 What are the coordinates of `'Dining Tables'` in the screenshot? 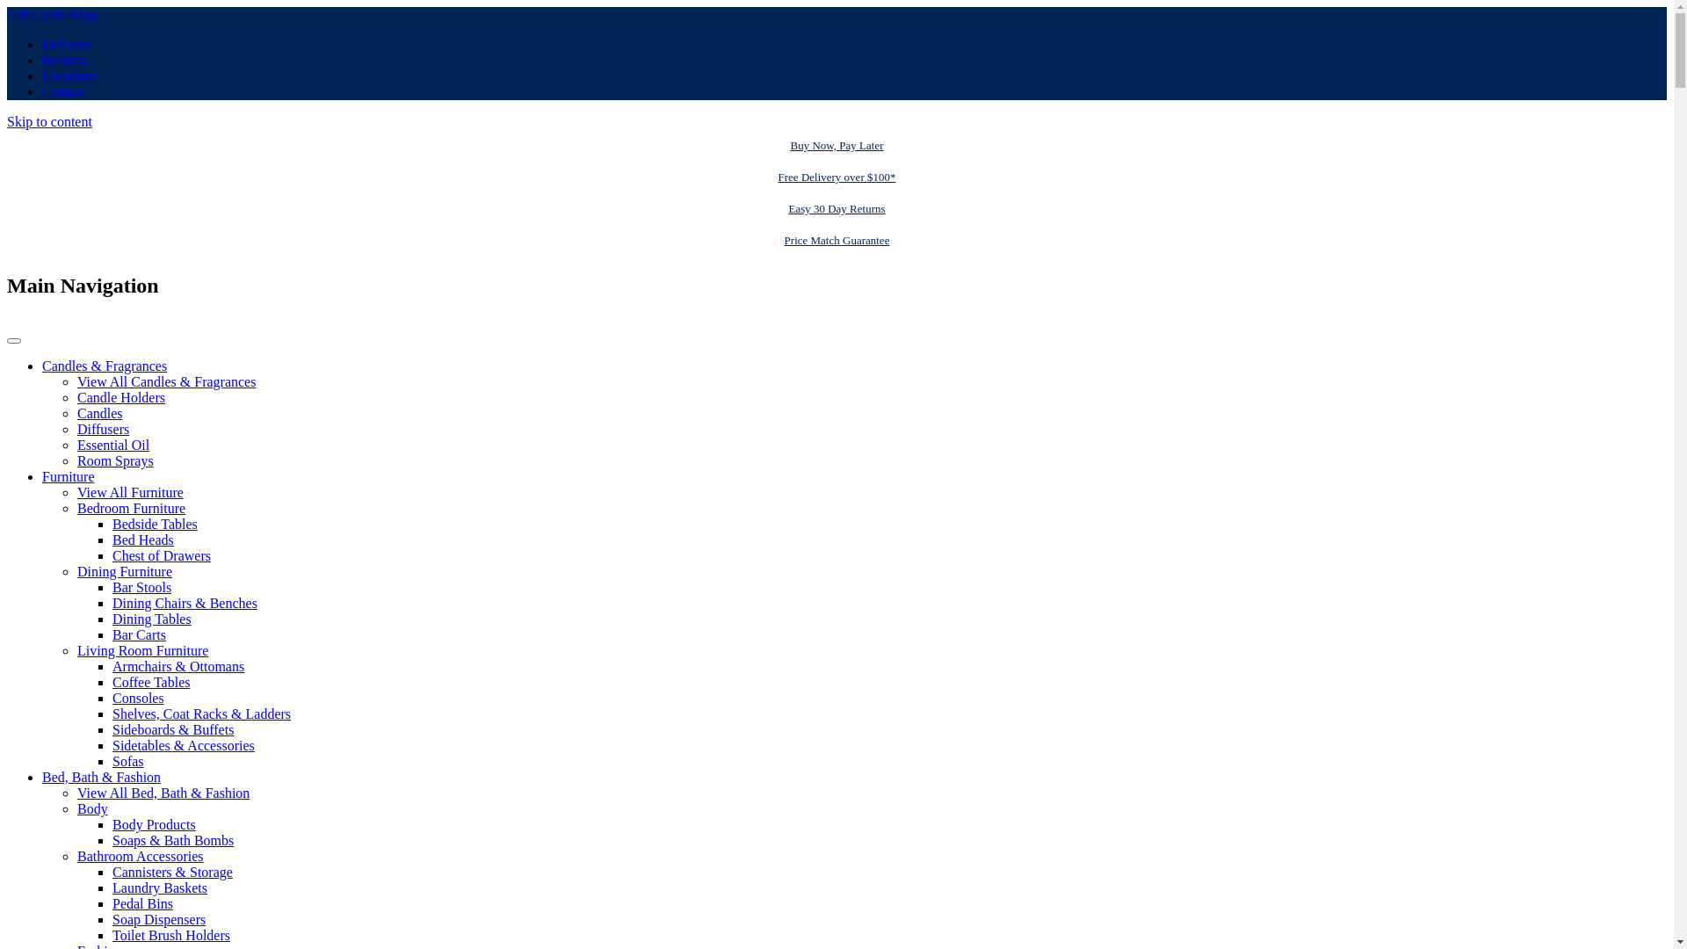 It's located at (151, 618).